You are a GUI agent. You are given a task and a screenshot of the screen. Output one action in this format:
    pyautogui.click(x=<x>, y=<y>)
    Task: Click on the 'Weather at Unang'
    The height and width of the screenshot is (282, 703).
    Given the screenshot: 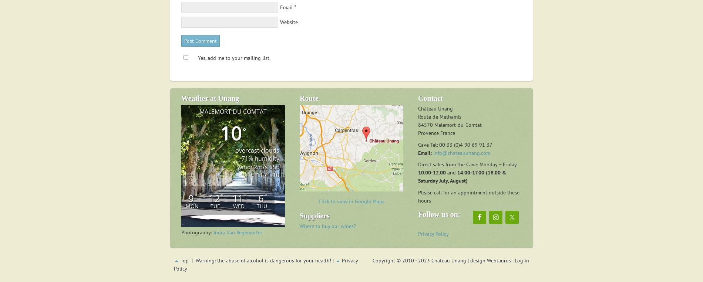 What is the action you would take?
    pyautogui.click(x=210, y=98)
    